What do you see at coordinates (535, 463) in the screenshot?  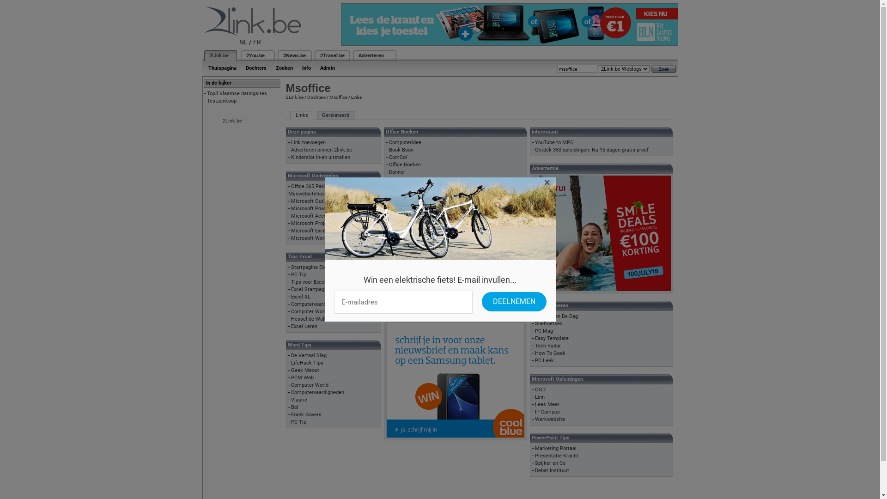 I see `'Spijker en Co'` at bounding box center [535, 463].